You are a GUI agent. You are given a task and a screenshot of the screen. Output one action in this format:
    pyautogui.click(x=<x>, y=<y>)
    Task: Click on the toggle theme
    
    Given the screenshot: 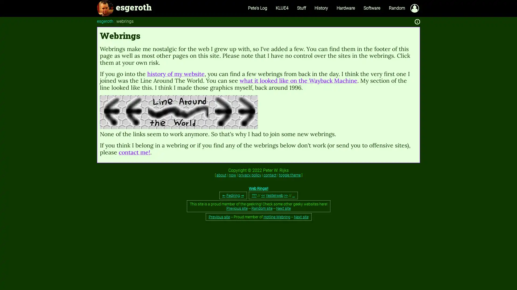 What is the action you would take?
    pyautogui.click(x=289, y=175)
    